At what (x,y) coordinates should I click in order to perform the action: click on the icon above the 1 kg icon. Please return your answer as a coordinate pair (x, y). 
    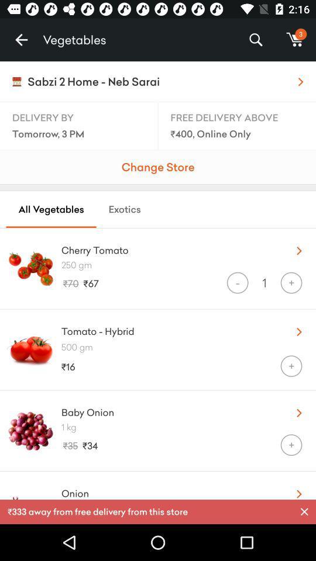
    Looking at the image, I should click on (168, 410).